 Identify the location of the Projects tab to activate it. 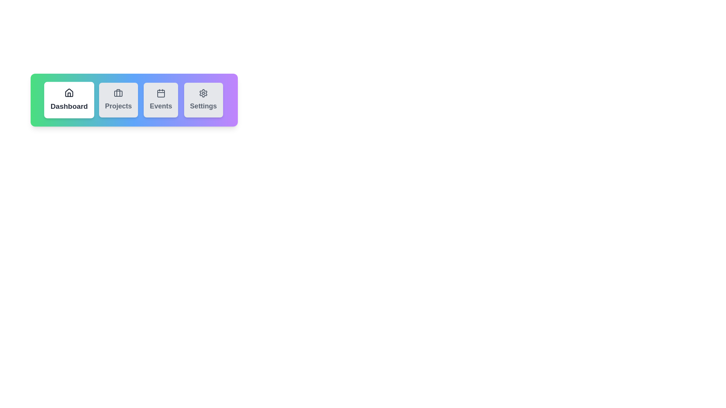
(118, 100).